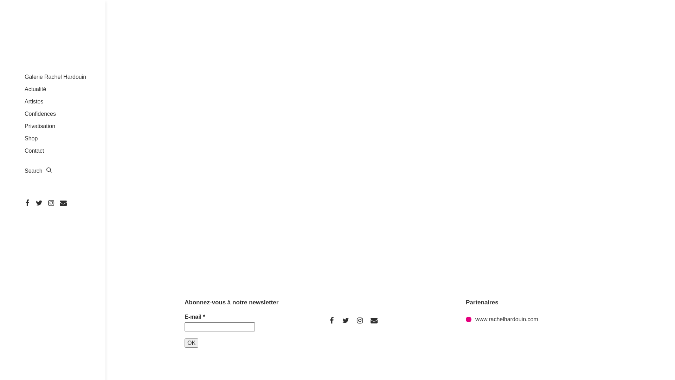 The height and width of the screenshot is (380, 675). What do you see at coordinates (219, 327) in the screenshot?
I see `'E-mail'` at bounding box center [219, 327].